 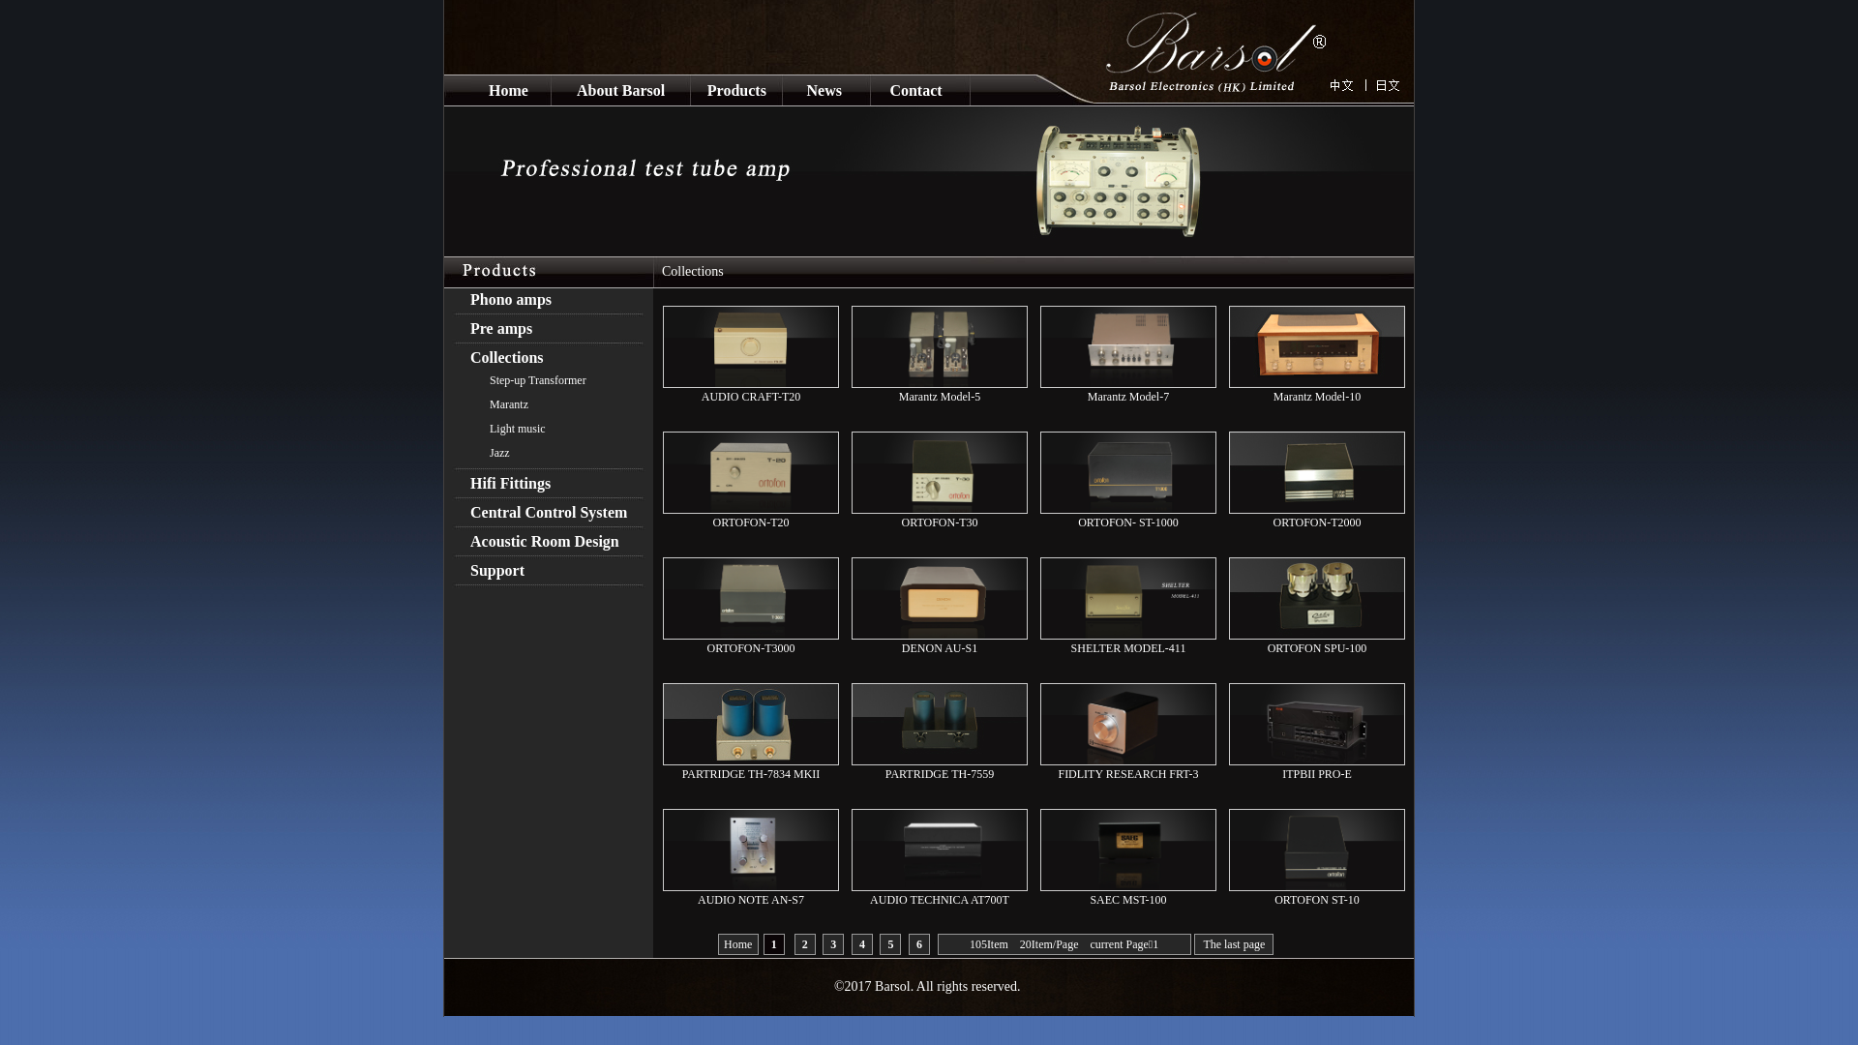 I want to click on 'ORTOFON-T30', so click(x=939, y=522).